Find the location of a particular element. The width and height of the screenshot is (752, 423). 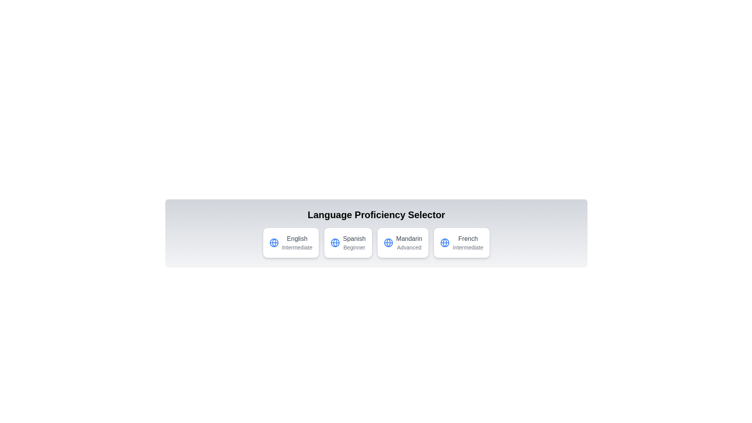

the card representing the language Spanish to cycle its proficiency level is located at coordinates (347, 242).